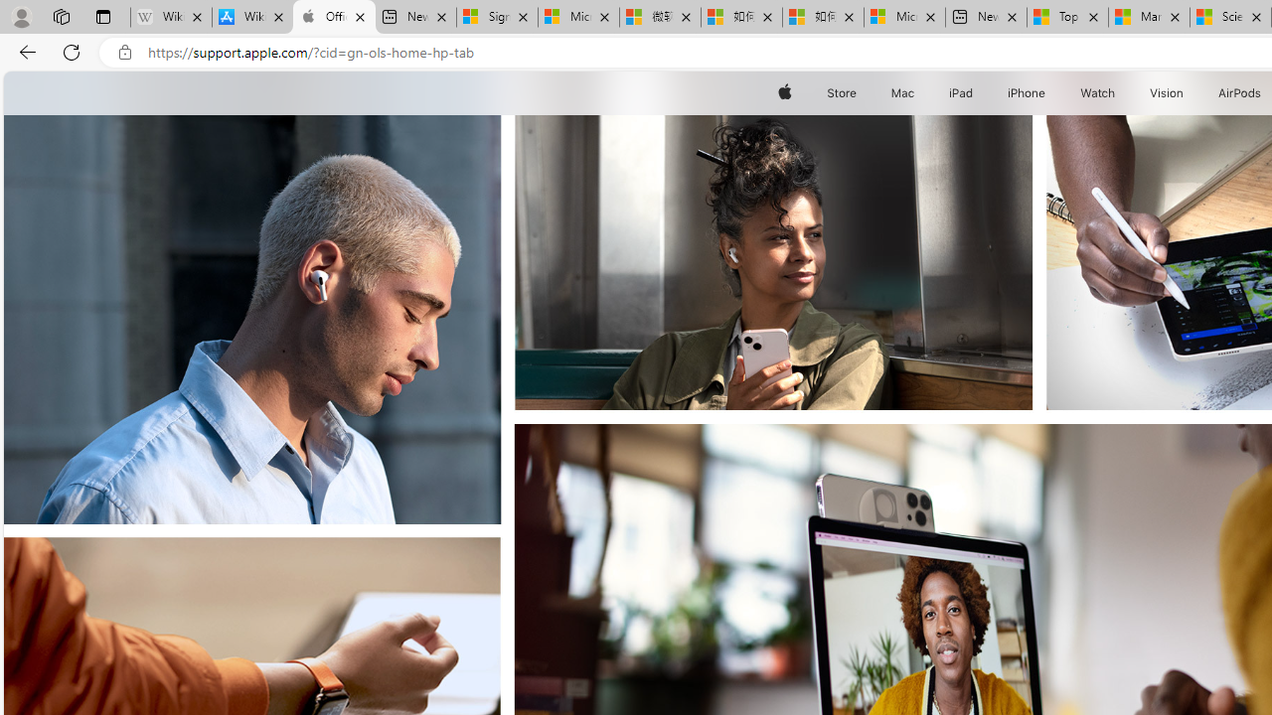 The width and height of the screenshot is (1272, 715). What do you see at coordinates (960, 92) in the screenshot?
I see `'iPad'` at bounding box center [960, 92].